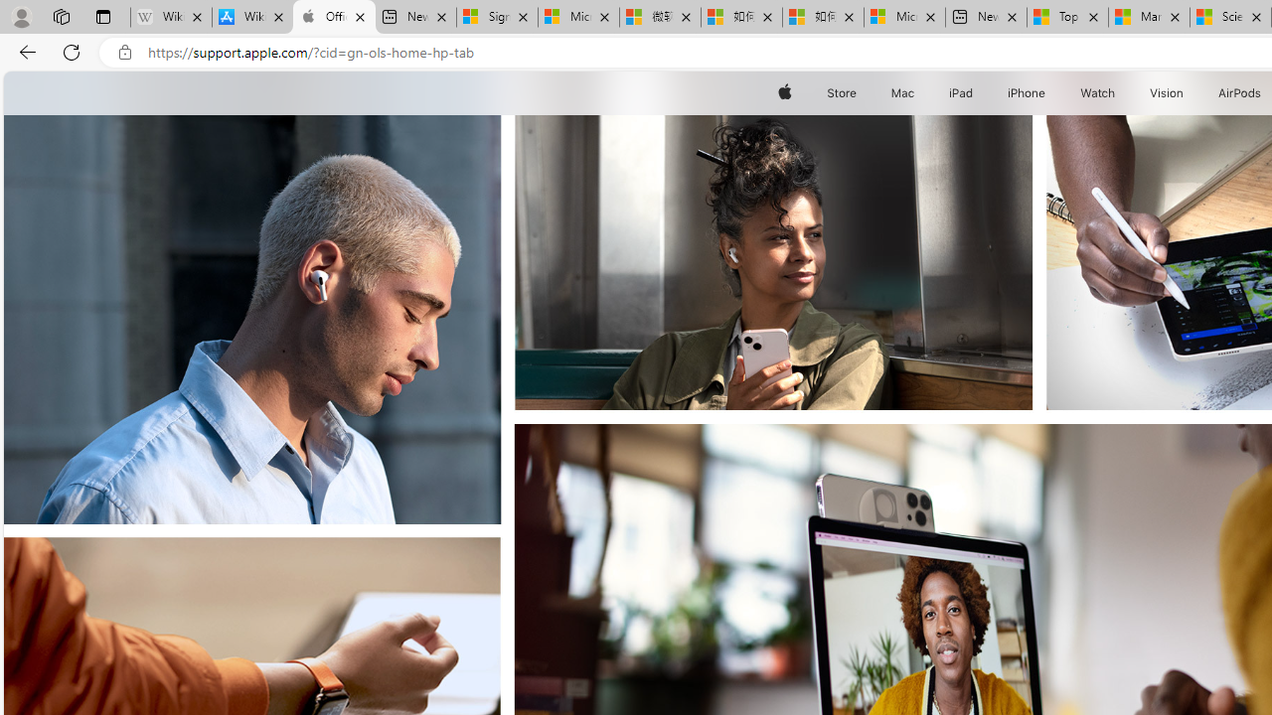 The width and height of the screenshot is (1272, 715). What do you see at coordinates (960, 92) in the screenshot?
I see `'iPad'` at bounding box center [960, 92].